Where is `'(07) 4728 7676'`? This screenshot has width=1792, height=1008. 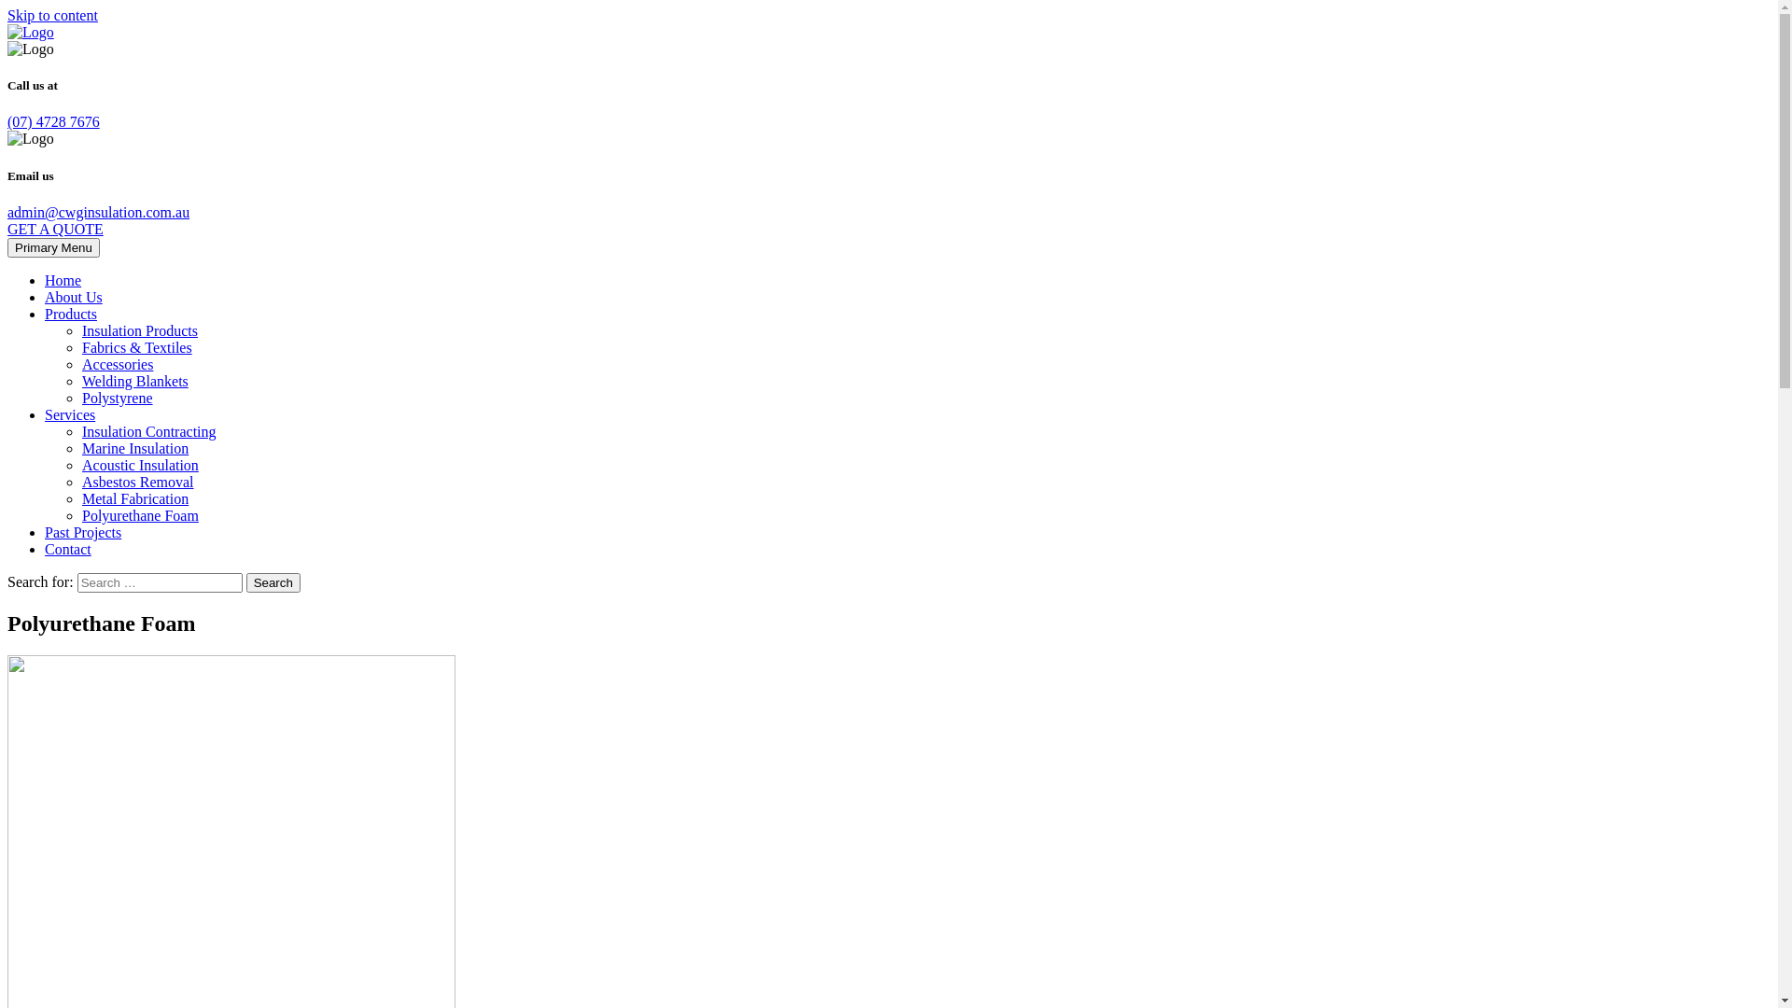 '(07) 4728 7676' is located at coordinates (53, 121).